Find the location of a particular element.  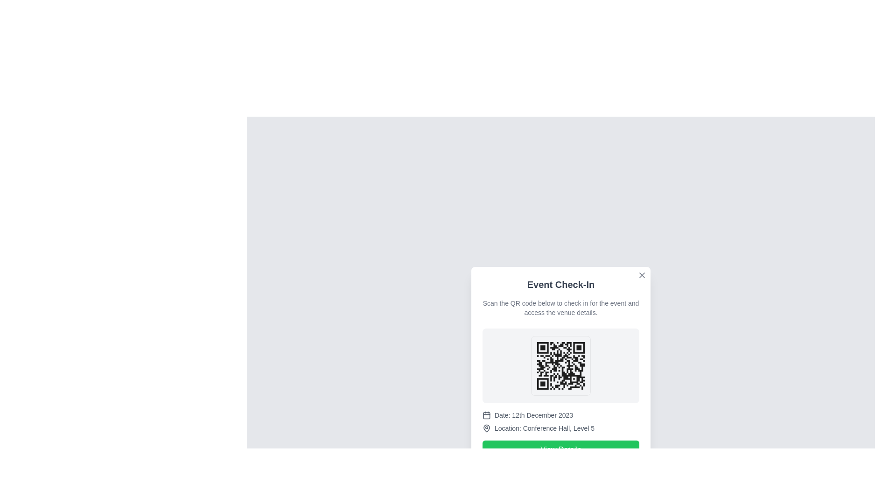

the close button located at the top right corner of the 'Event Check-In' modal is located at coordinates (642, 275).